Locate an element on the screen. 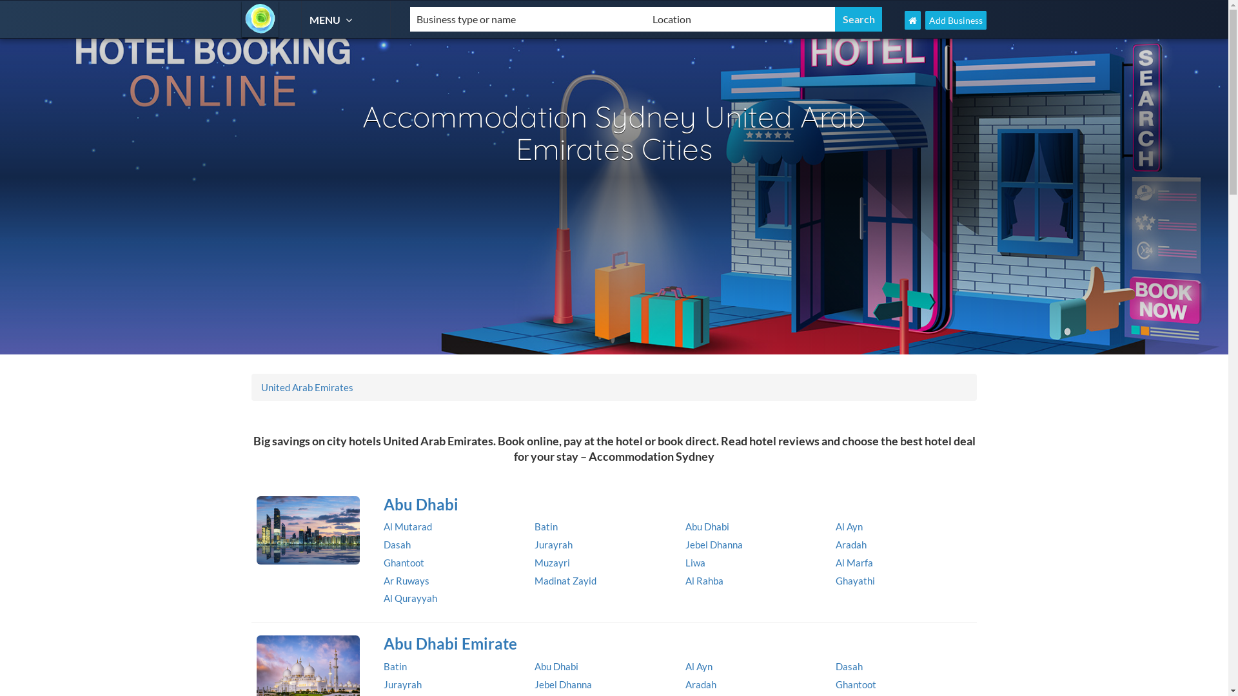 The image size is (1238, 696). 'Al Marfa' is located at coordinates (854, 561).